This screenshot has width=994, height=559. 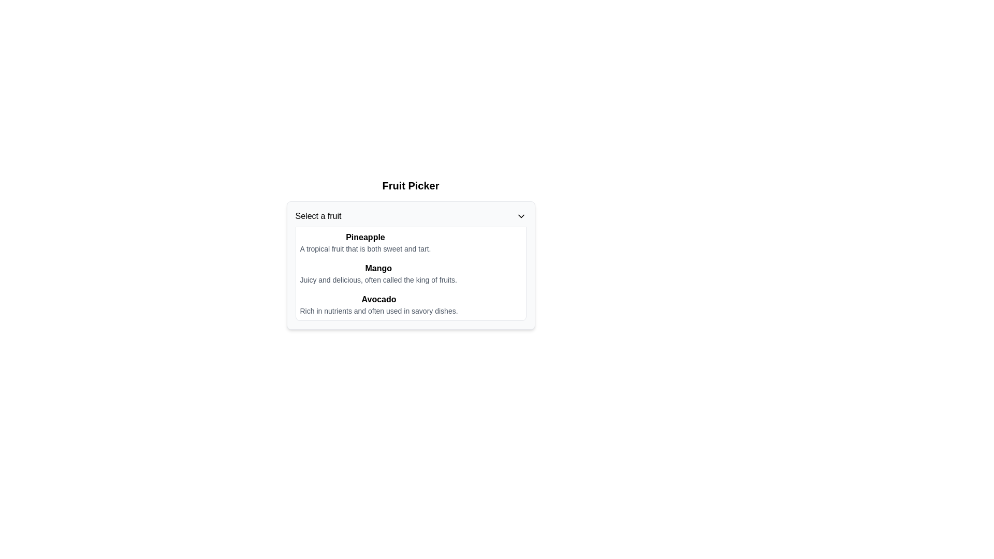 What do you see at coordinates (410, 243) in the screenshot?
I see `the 'Pineapple' option in the dropdown list titled 'Select a fruit'` at bounding box center [410, 243].